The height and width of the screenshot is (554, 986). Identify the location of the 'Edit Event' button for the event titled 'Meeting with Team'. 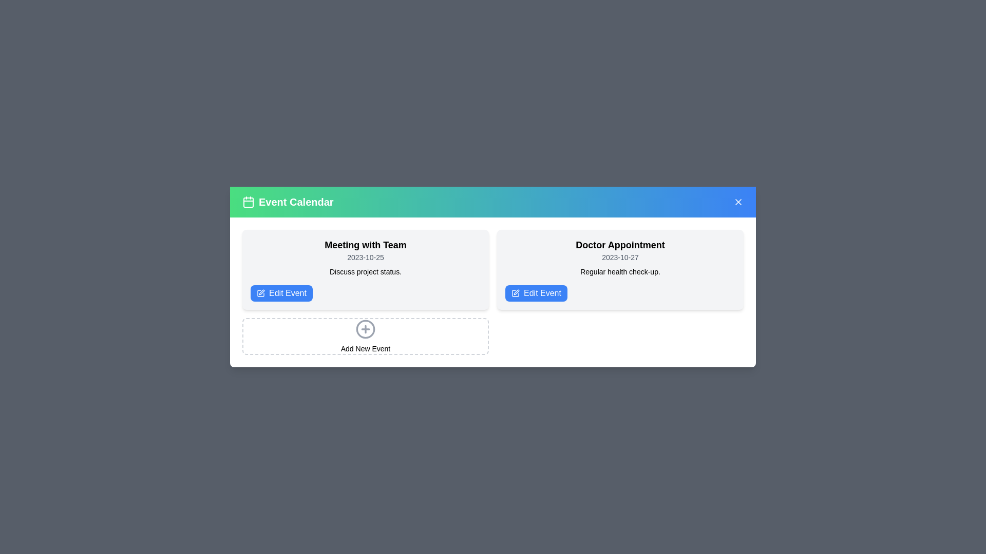
(281, 293).